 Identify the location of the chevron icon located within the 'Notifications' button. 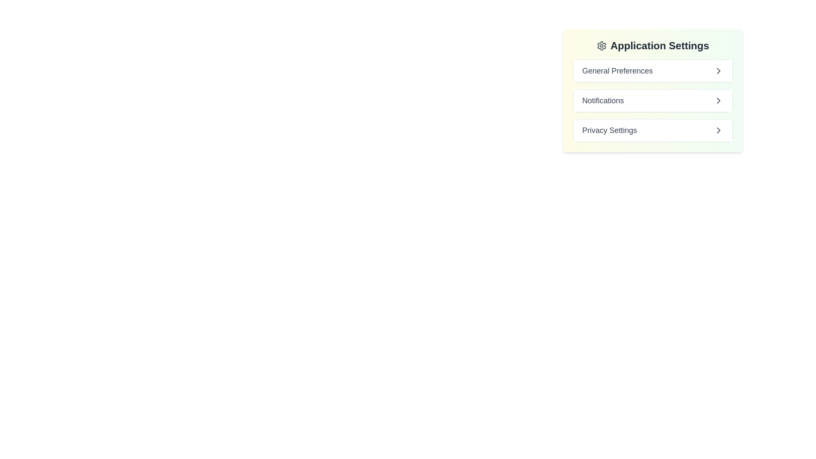
(718, 100).